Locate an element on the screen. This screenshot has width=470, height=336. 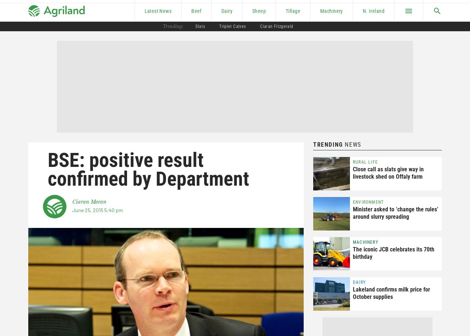
'Ciaran Moran' is located at coordinates (89, 201).